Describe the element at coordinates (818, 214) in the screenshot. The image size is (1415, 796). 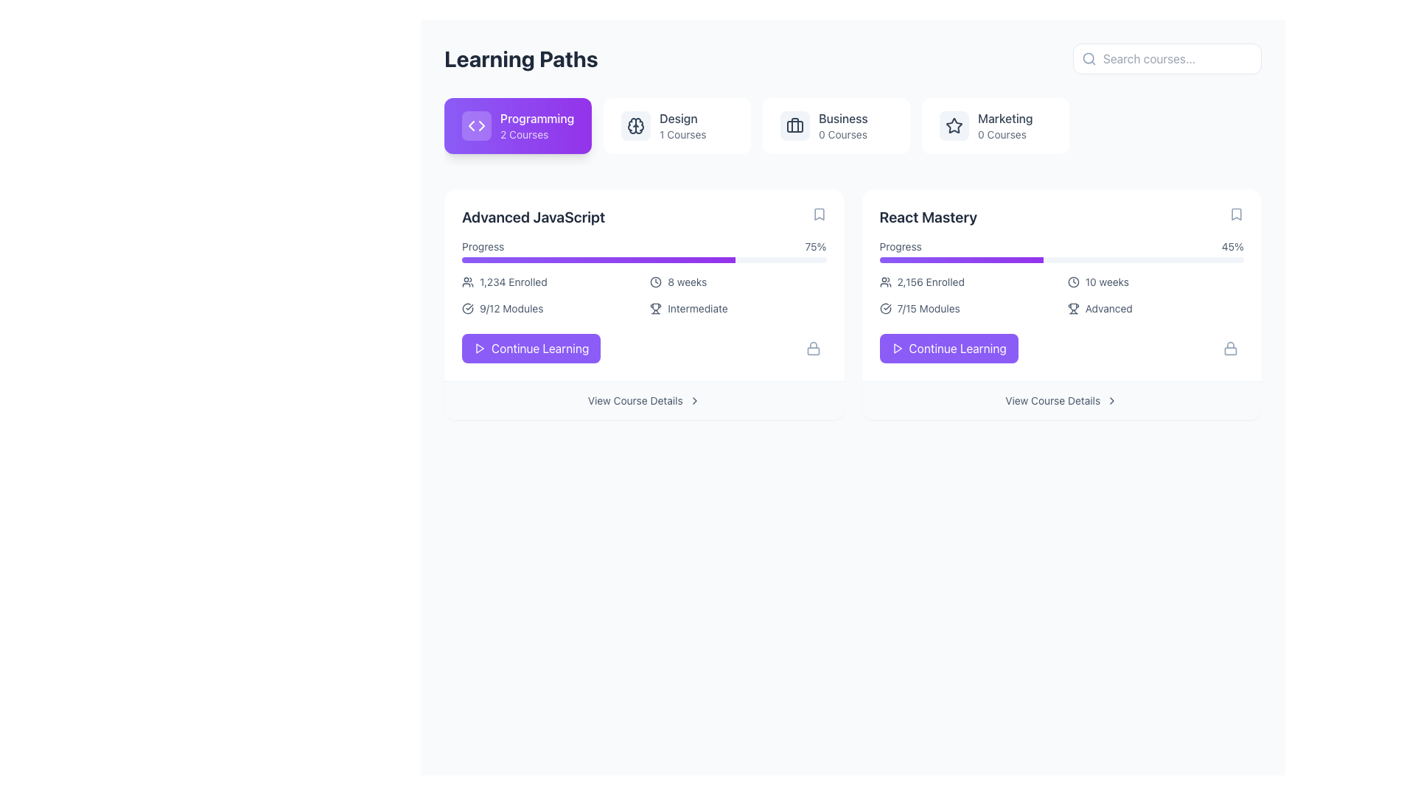
I see `the bookmark icon located to the right of the text 'Advanced JavaScript'` at that location.